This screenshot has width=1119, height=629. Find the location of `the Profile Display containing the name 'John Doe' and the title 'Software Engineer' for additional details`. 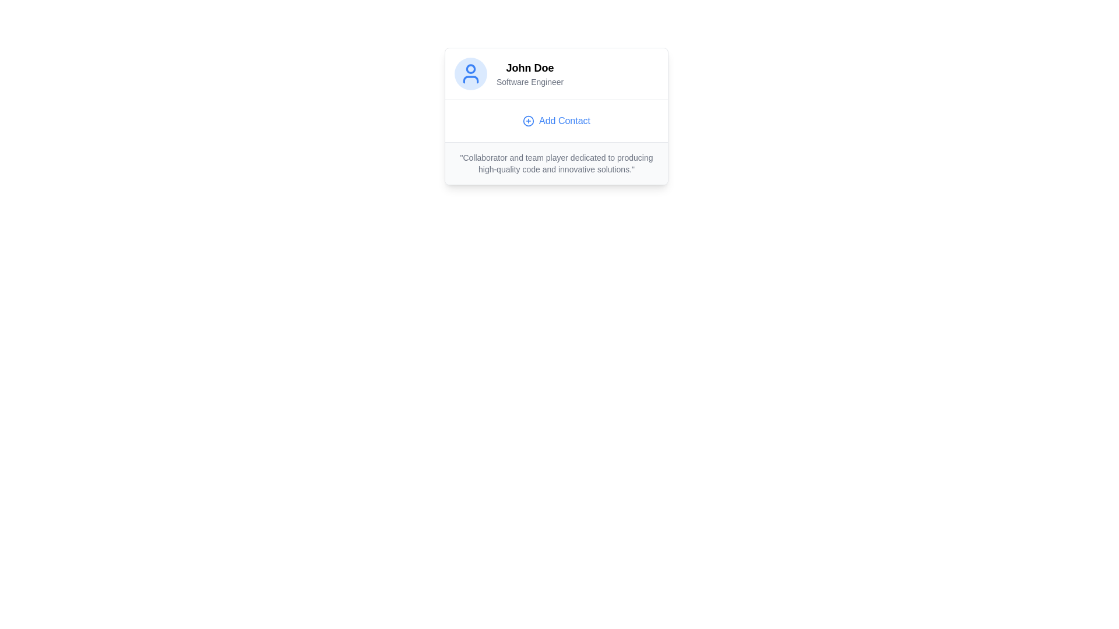

the Profile Display containing the name 'John Doe' and the title 'Software Engineer' for additional details is located at coordinates (556, 74).